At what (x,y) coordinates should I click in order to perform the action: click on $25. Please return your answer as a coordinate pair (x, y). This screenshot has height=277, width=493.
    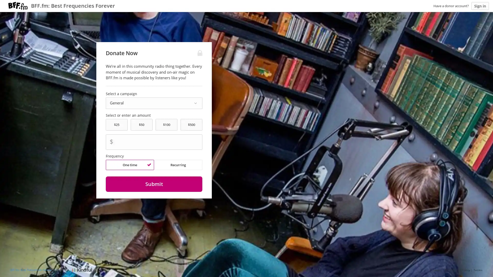
    Looking at the image, I should click on (116, 124).